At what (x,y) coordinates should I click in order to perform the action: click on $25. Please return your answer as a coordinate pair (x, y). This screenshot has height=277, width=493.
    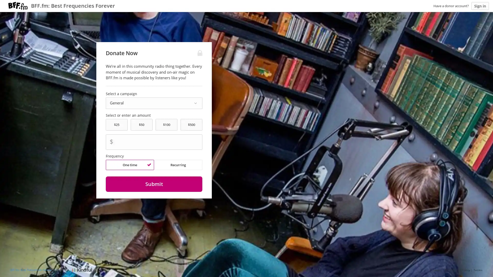
    Looking at the image, I should click on (116, 124).